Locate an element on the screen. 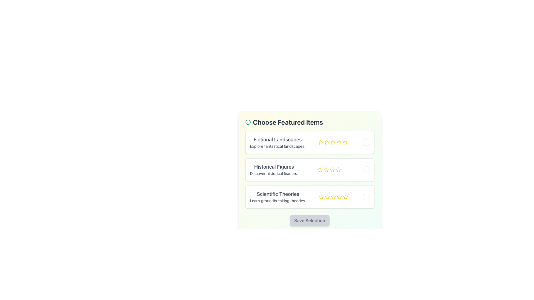  title text indicating the section related to historical figures, located in a card layout above the subtitle 'Discover historical leaders.' is located at coordinates (274, 167).